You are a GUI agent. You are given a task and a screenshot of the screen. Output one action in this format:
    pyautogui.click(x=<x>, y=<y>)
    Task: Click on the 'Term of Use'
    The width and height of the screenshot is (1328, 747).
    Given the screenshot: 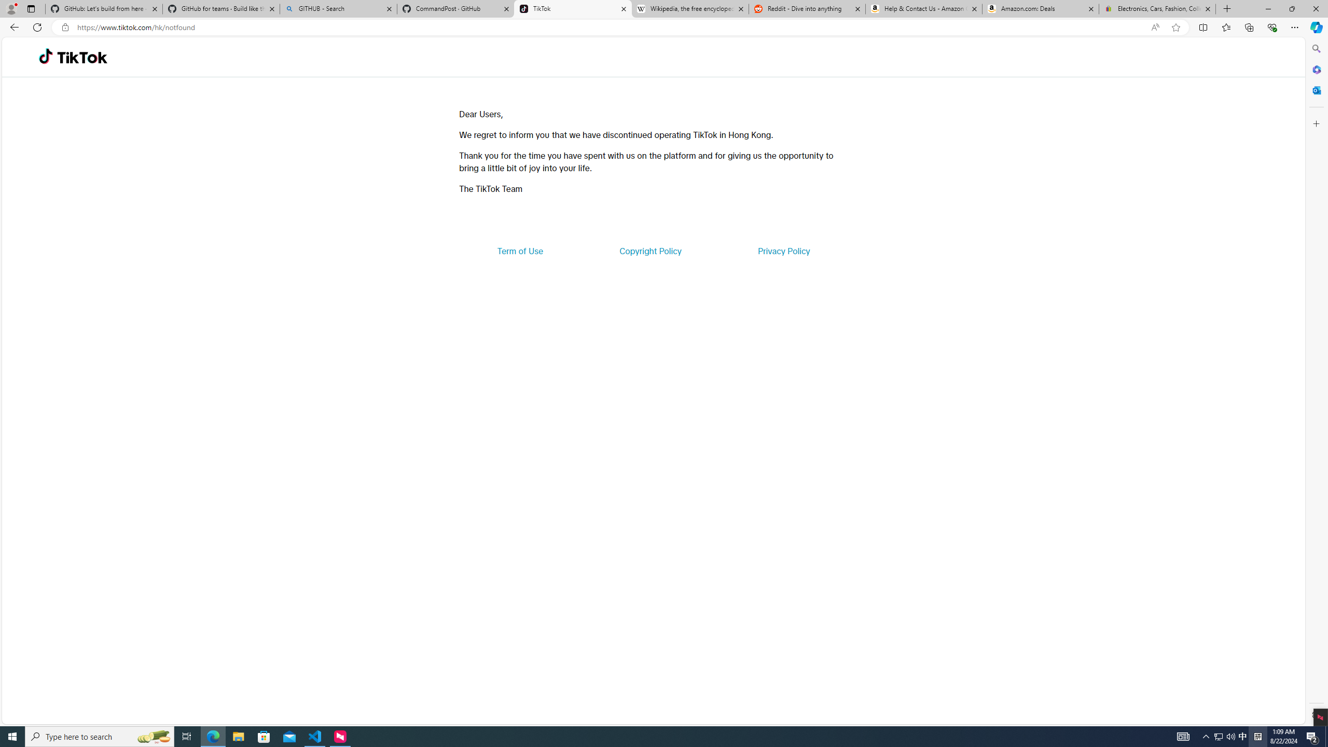 What is the action you would take?
    pyautogui.click(x=520, y=250)
    